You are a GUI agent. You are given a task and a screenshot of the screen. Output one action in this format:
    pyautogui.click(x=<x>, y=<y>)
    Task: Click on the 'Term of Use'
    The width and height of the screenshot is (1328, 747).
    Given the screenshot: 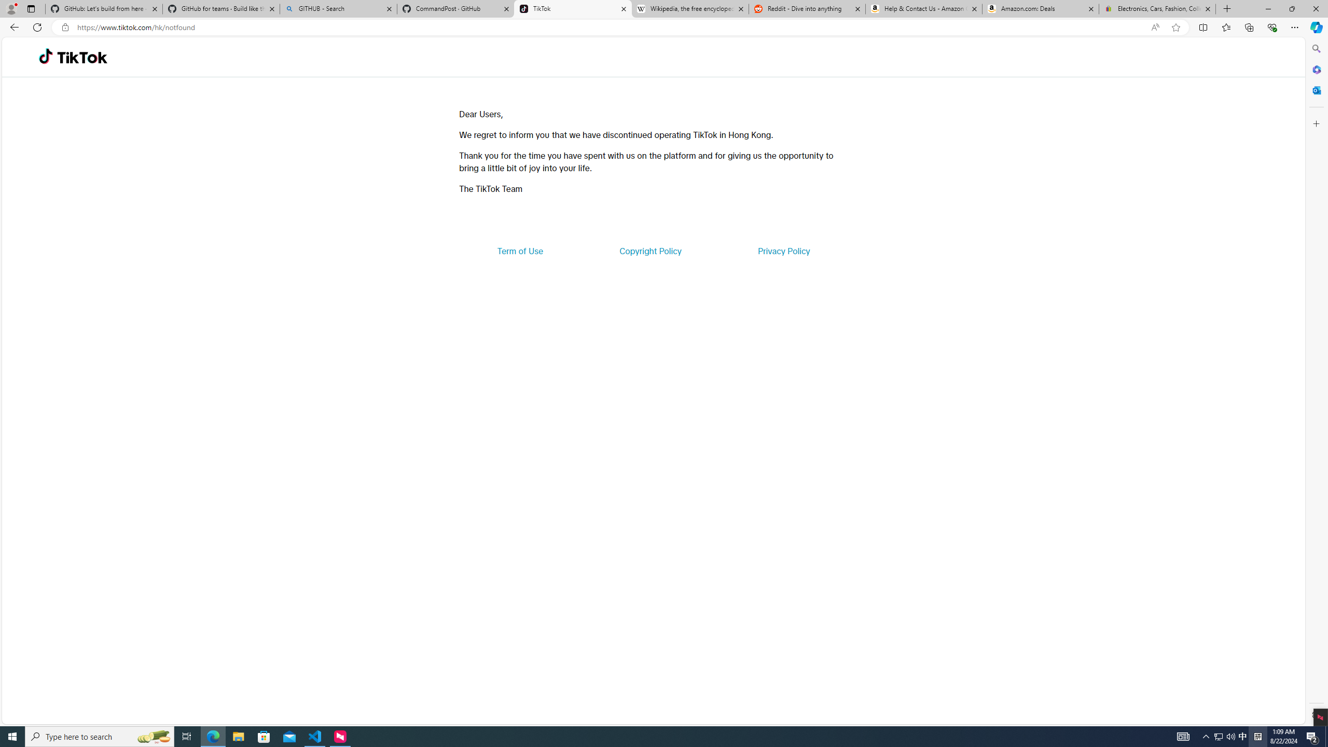 What is the action you would take?
    pyautogui.click(x=520, y=250)
    